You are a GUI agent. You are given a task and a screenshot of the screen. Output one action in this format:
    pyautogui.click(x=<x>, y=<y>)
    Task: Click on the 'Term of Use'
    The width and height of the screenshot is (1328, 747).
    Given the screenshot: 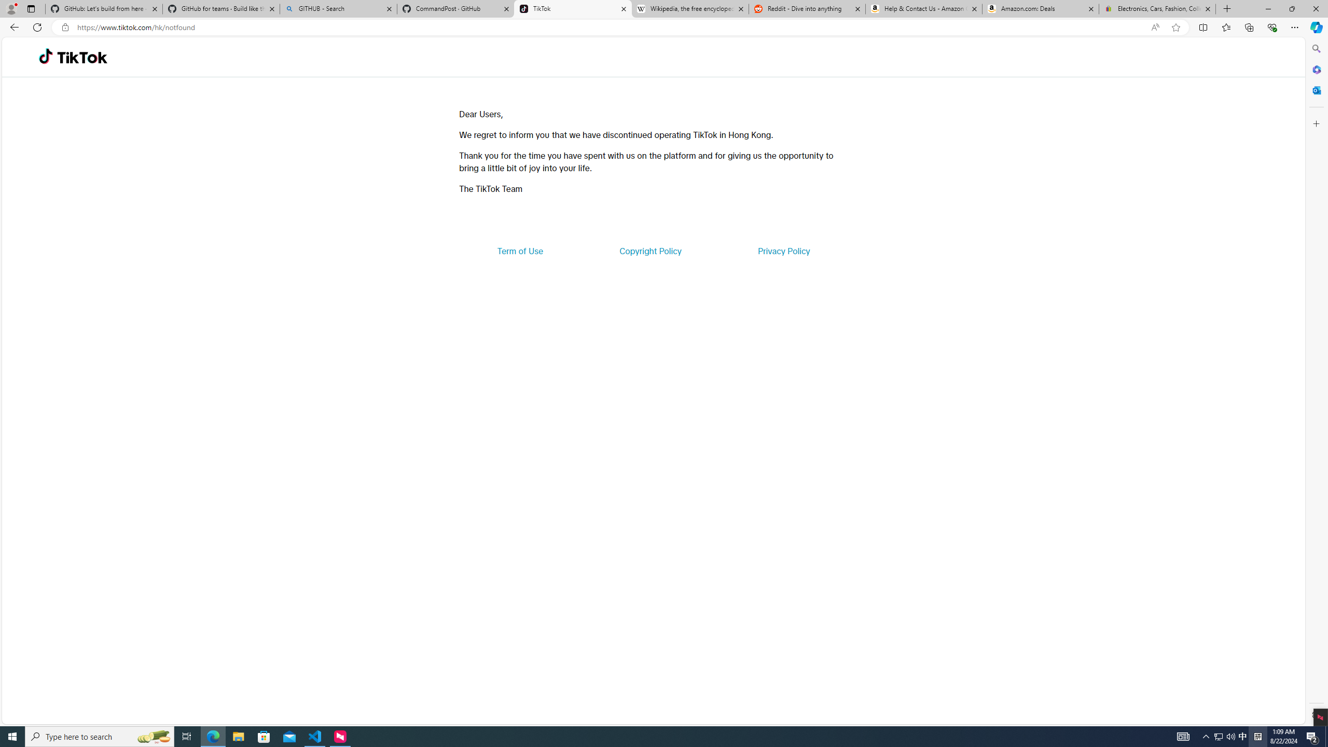 What is the action you would take?
    pyautogui.click(x=520, y=250)
    